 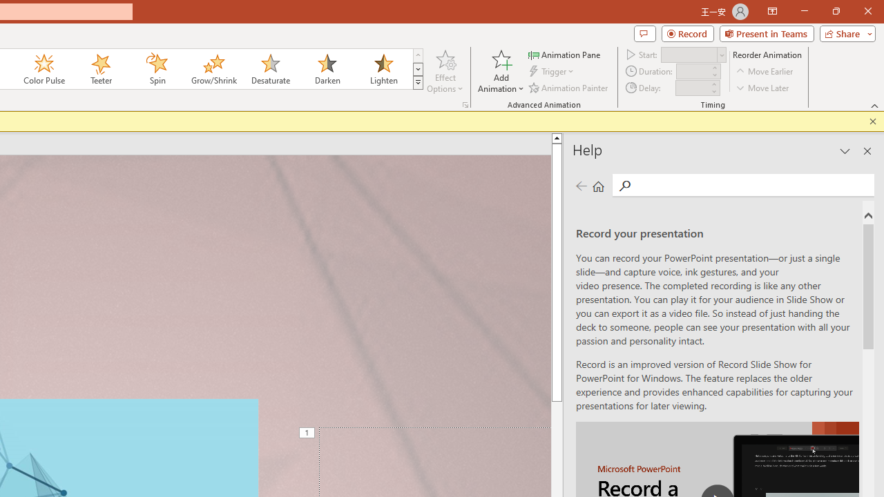 What do you see at coordinates (307, 433) in the screenshot?
I see `'Animation, sequence 1, on Title 1'` at bounding box center [307, 433].